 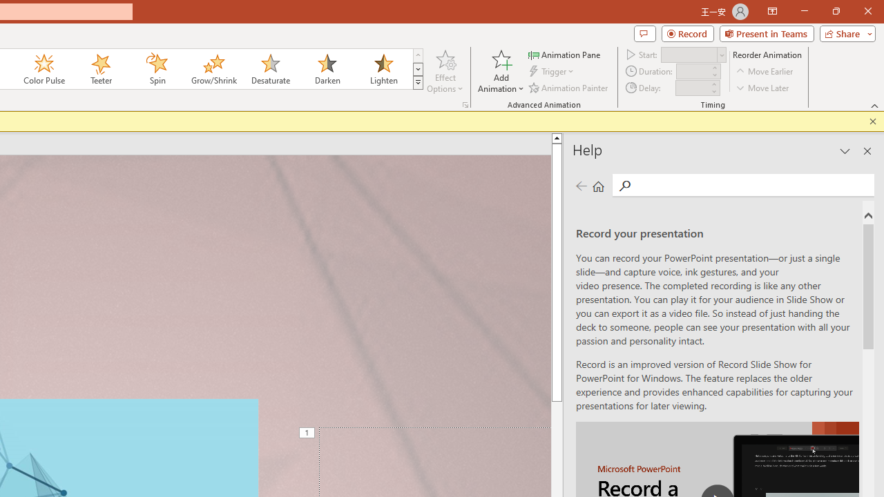 What do you see at coordinates (307, 433) in the screenshot?
I see `'Animation, sequence 1, on Title 1'` at bounding box center [307, 433].